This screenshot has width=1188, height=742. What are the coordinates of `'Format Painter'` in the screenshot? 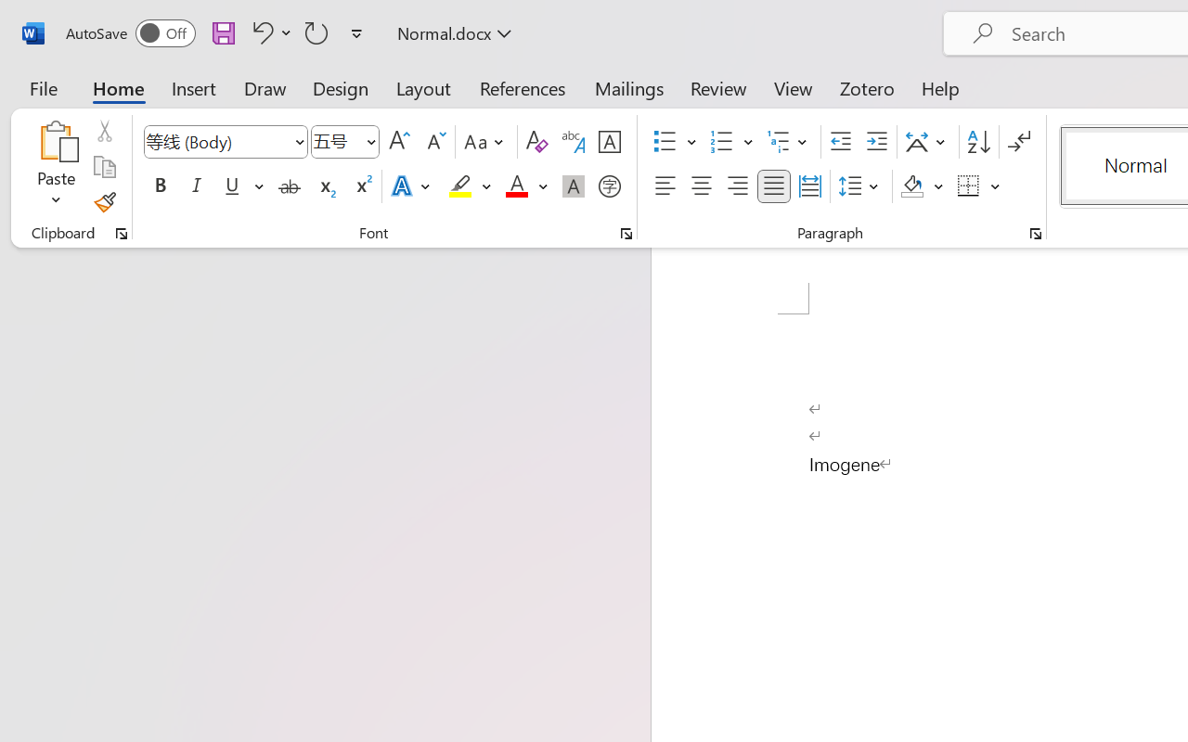 It's located at (103, 202).